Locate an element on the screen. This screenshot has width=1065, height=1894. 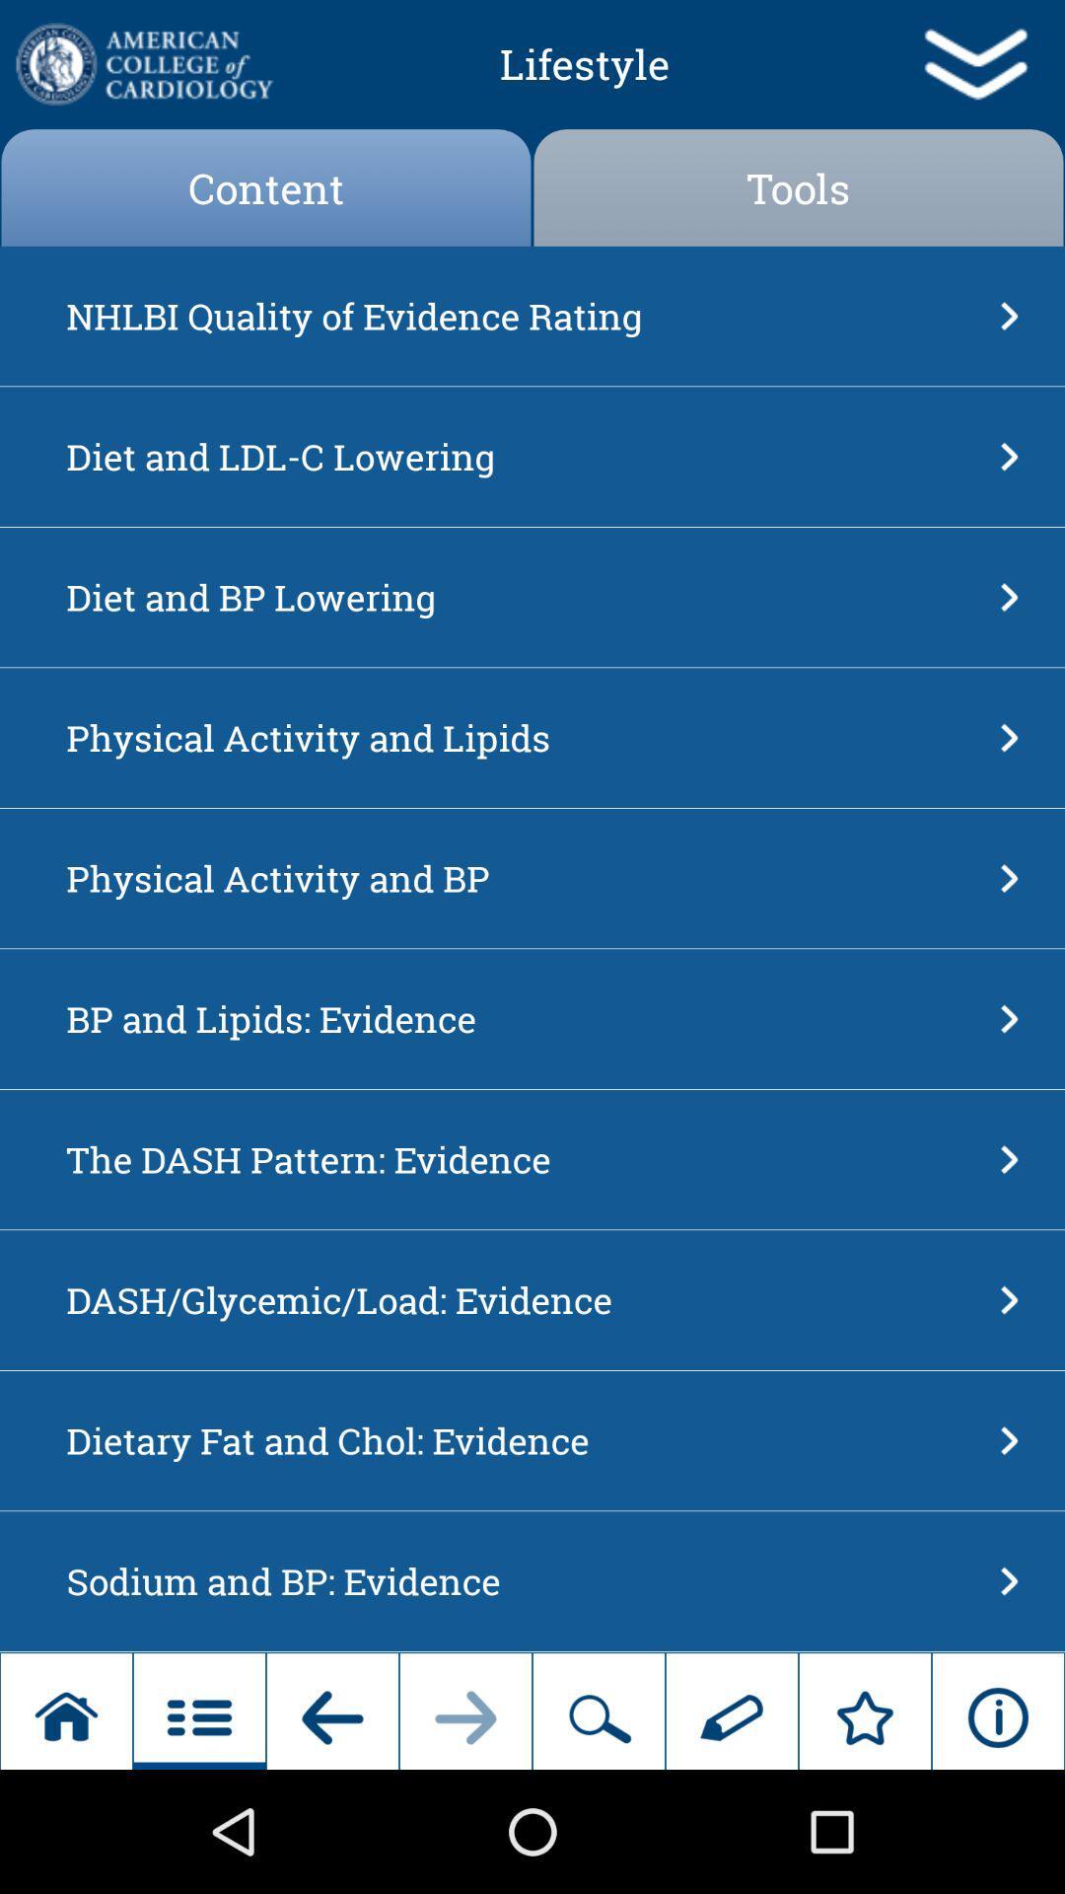
open drop down menu is located at coordinates (973, 64).